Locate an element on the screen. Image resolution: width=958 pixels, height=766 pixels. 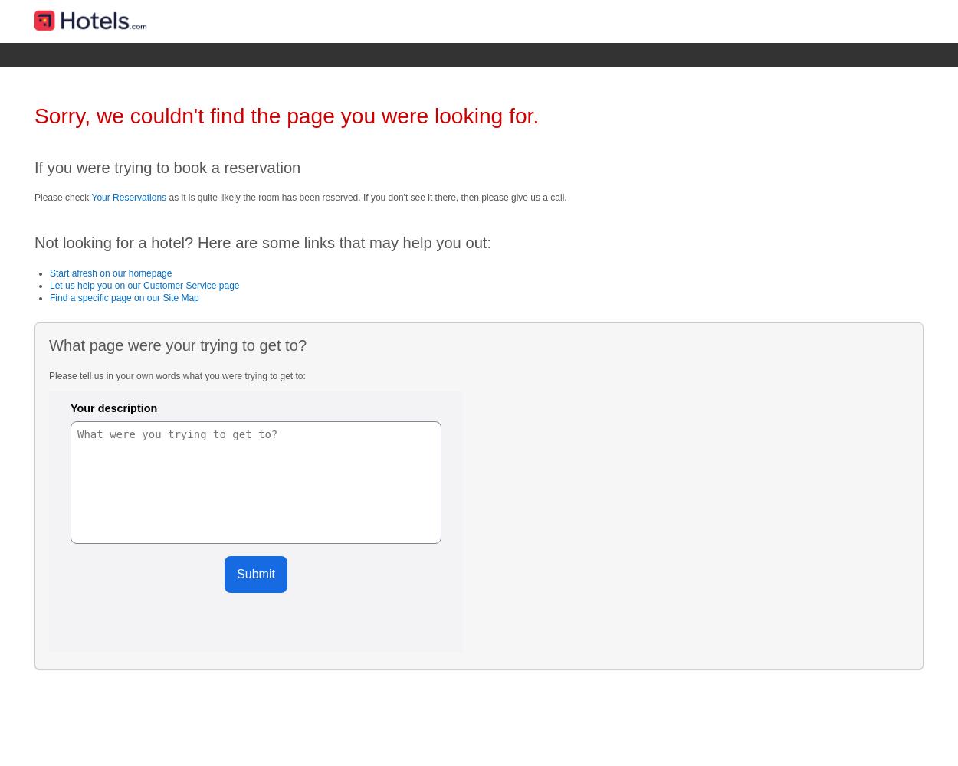
'Please tell us in your own words what you were trying to get to:' is located at coordinates (48, 375).